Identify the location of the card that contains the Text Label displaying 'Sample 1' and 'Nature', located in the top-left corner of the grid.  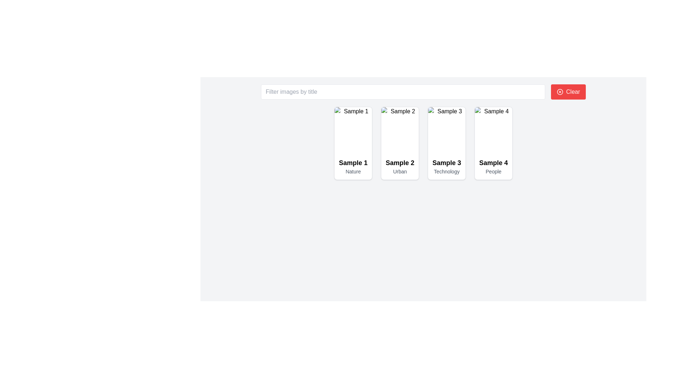
(353, 166).